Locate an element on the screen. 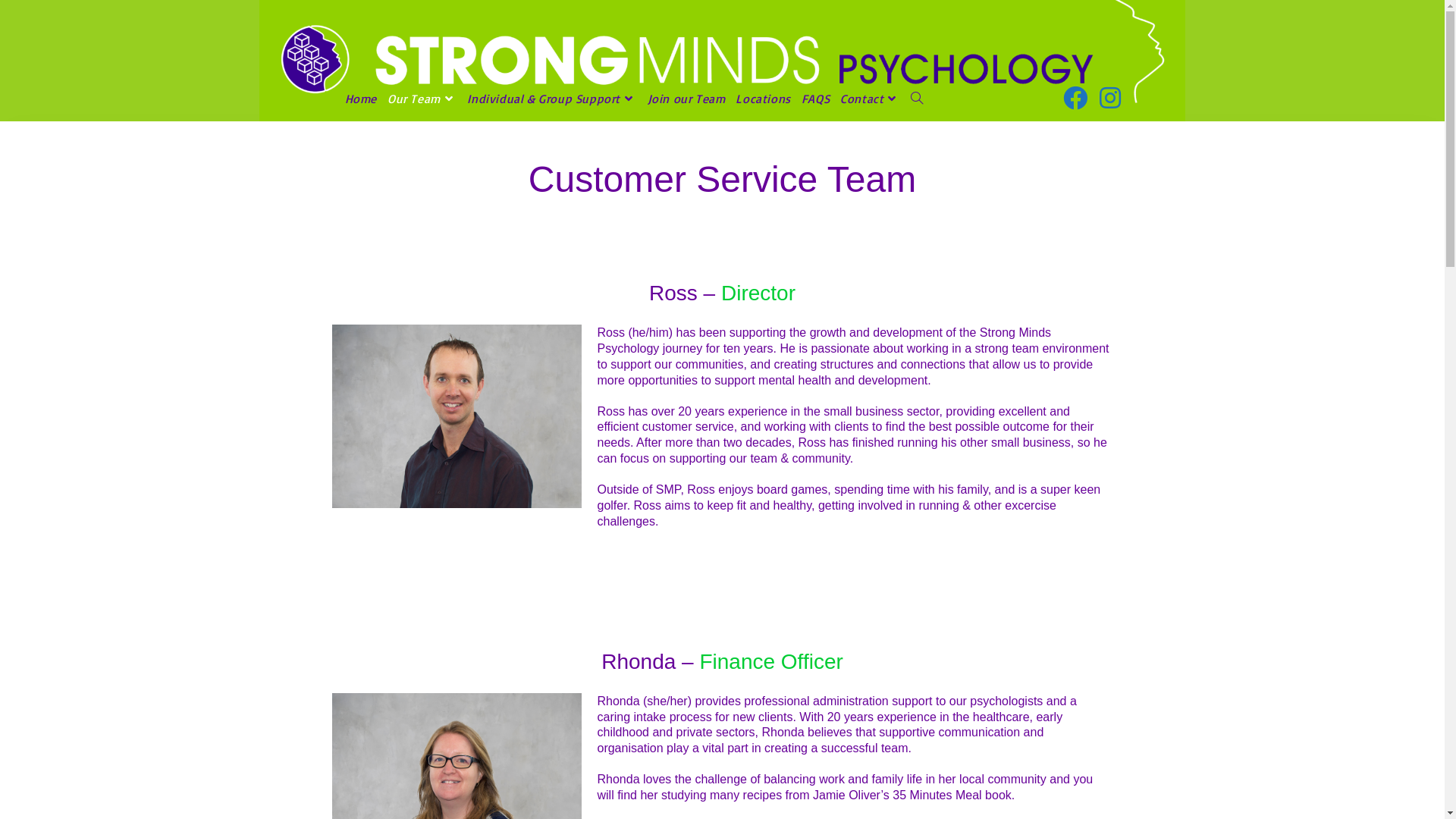  'Our Team' is located at coordinates (422, 99).